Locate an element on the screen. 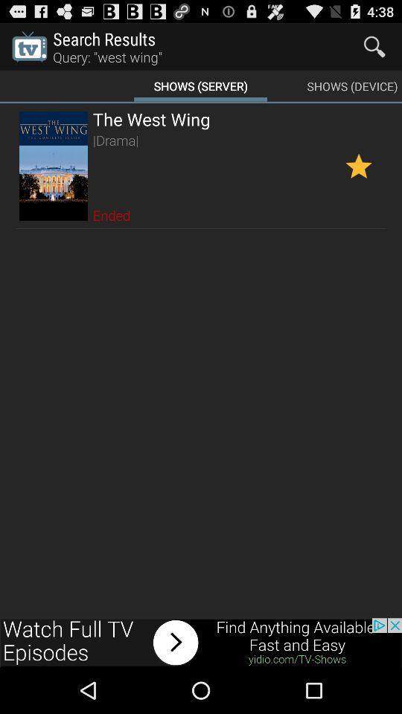 This screenshot has width=402, height=714. favorite option is located at coordinates (358, 166).